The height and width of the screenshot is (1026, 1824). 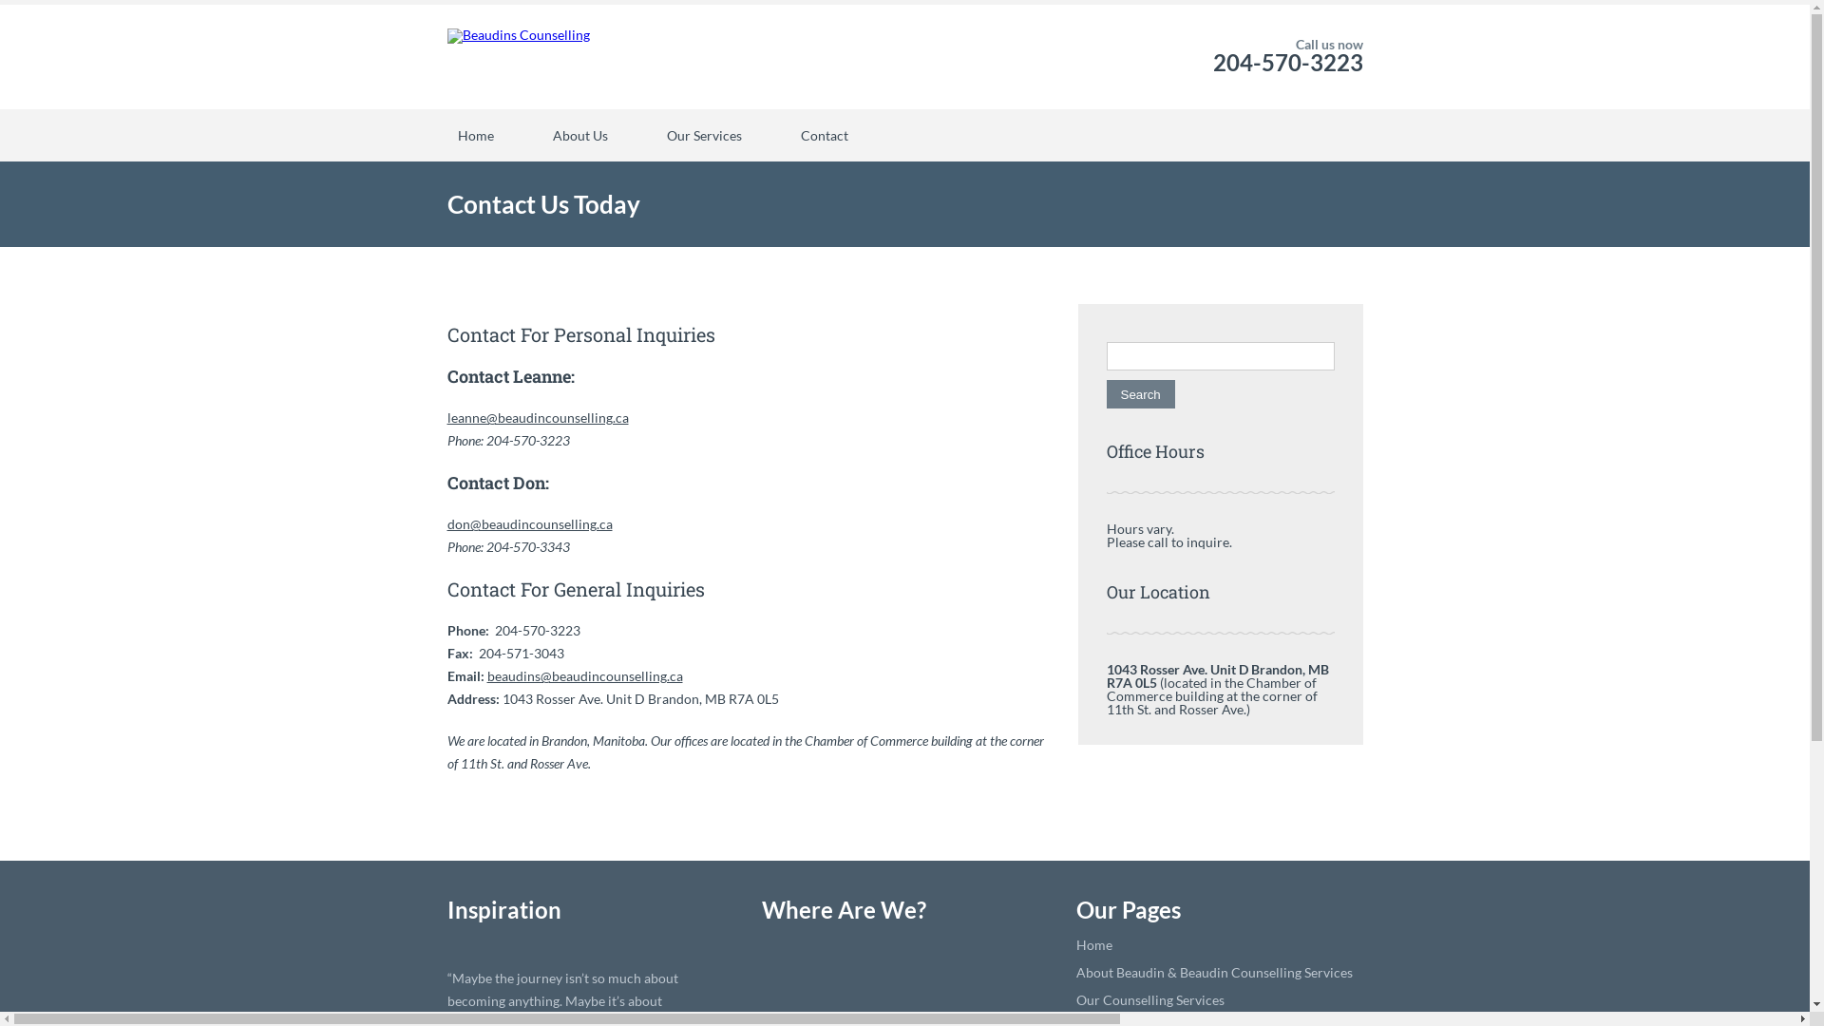 I want to click on 'Our Counselling Services', so click(x=1148, y=998).